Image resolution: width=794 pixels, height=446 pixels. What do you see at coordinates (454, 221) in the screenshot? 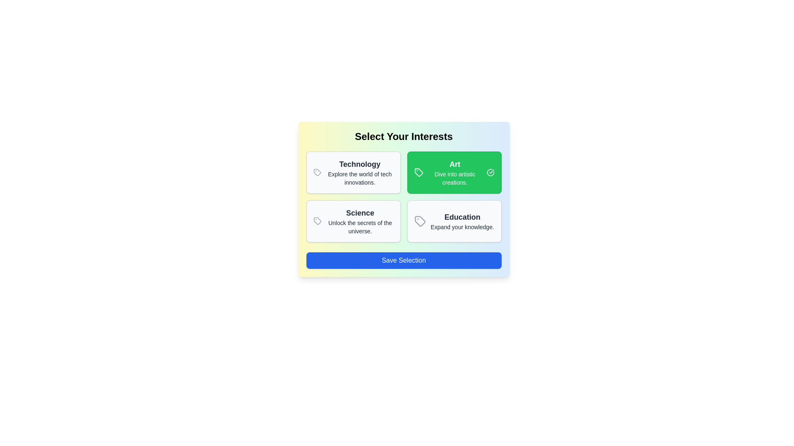
I see `the category Education` at bounding box center [454, 221].